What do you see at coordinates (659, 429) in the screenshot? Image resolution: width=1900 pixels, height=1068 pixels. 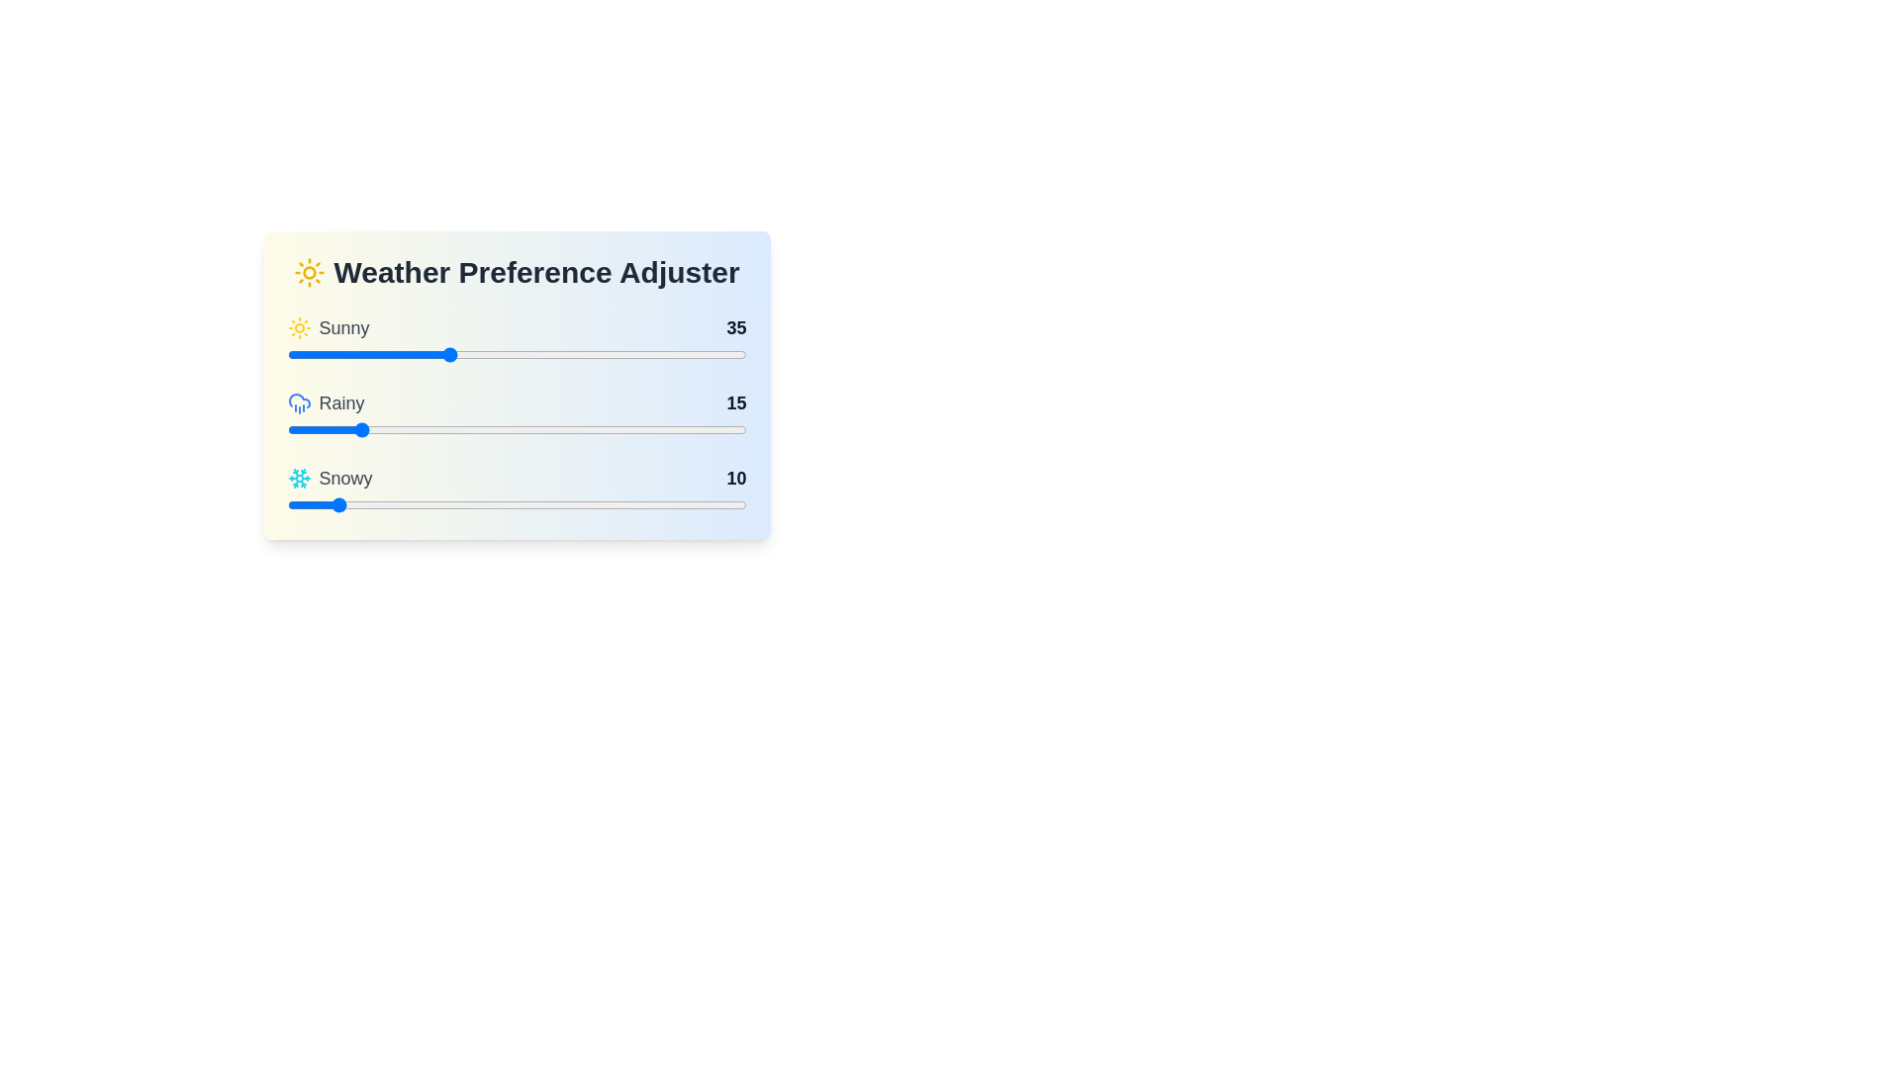 I see `the slider for 'Rainy' to set its value to 81` at bounding box center [659, 429].